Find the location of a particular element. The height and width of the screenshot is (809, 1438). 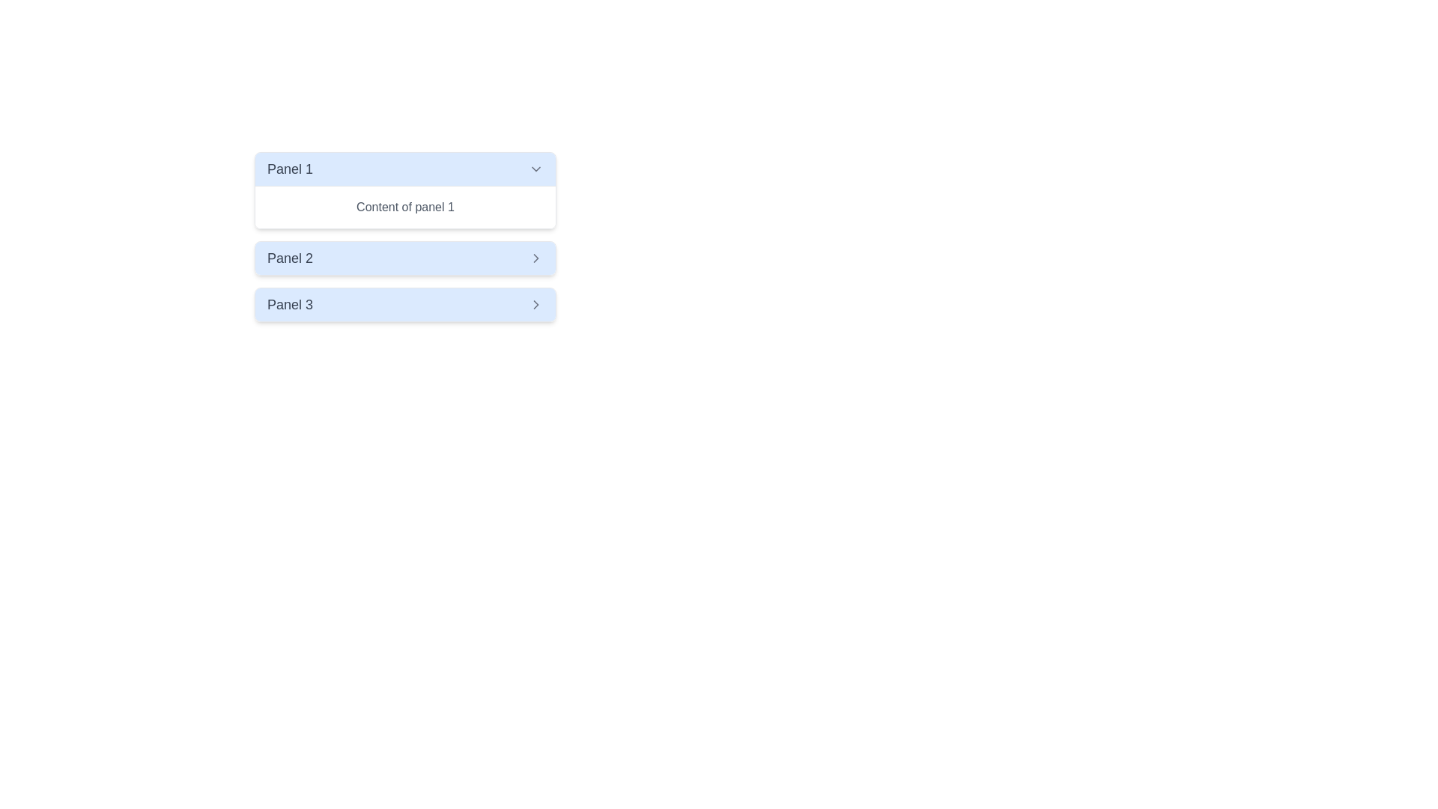

the chevron-shaped icon pointing to the right, which is located adjacent to the text 'Panel 3' is located at coordinates (536, 304).